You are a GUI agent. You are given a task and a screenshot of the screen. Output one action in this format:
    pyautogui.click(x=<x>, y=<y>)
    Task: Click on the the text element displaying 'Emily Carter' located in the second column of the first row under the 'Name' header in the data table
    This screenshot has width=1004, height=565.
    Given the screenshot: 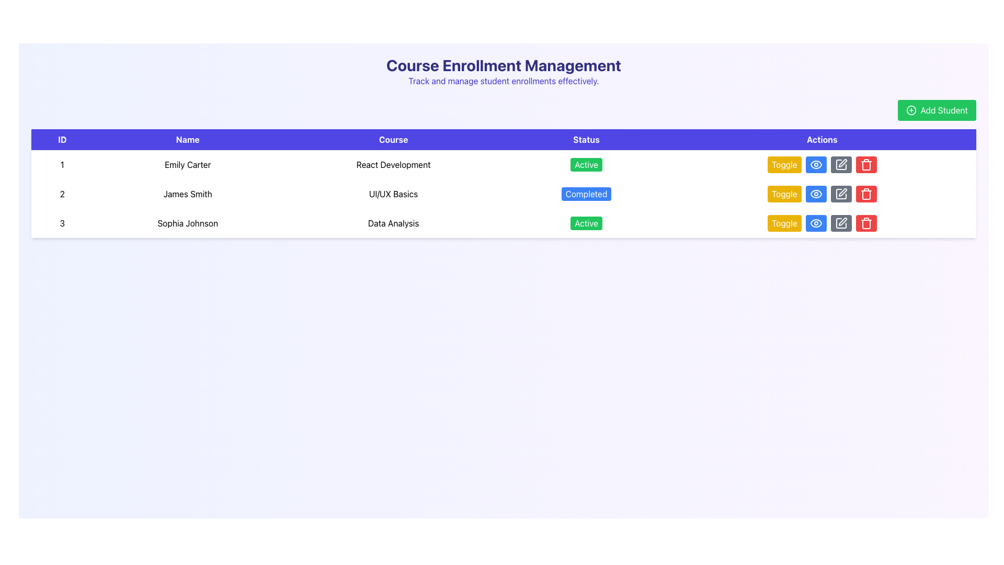 What is the action you would take?
    pyautogui.click(x=188, y=165)
    